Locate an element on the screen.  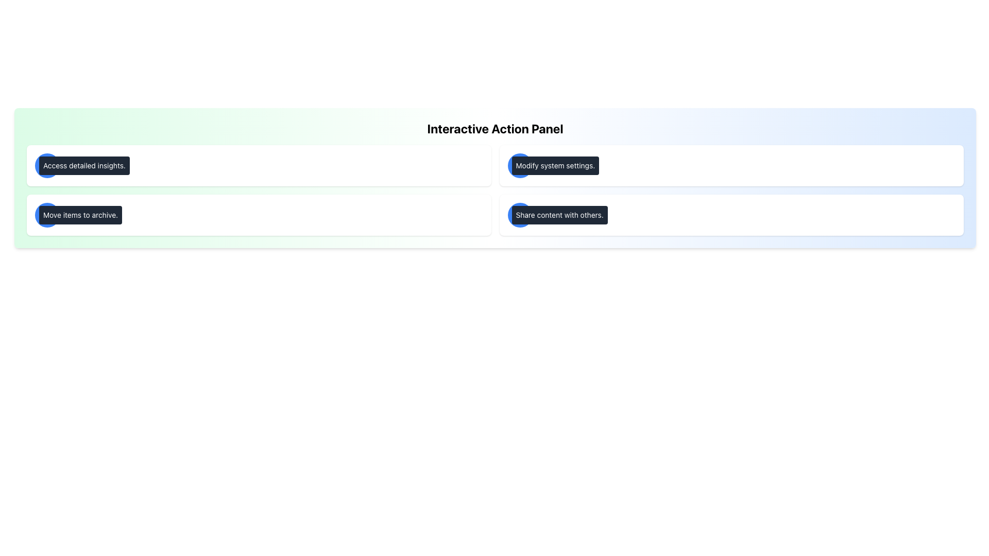
the button labeled 'Move items to archive.' which is a rectangular block with a dark gray background and rounded corners, located within a light green section and positioned below the 'Access detailed insights.' button is located at coordinates (80, 214).